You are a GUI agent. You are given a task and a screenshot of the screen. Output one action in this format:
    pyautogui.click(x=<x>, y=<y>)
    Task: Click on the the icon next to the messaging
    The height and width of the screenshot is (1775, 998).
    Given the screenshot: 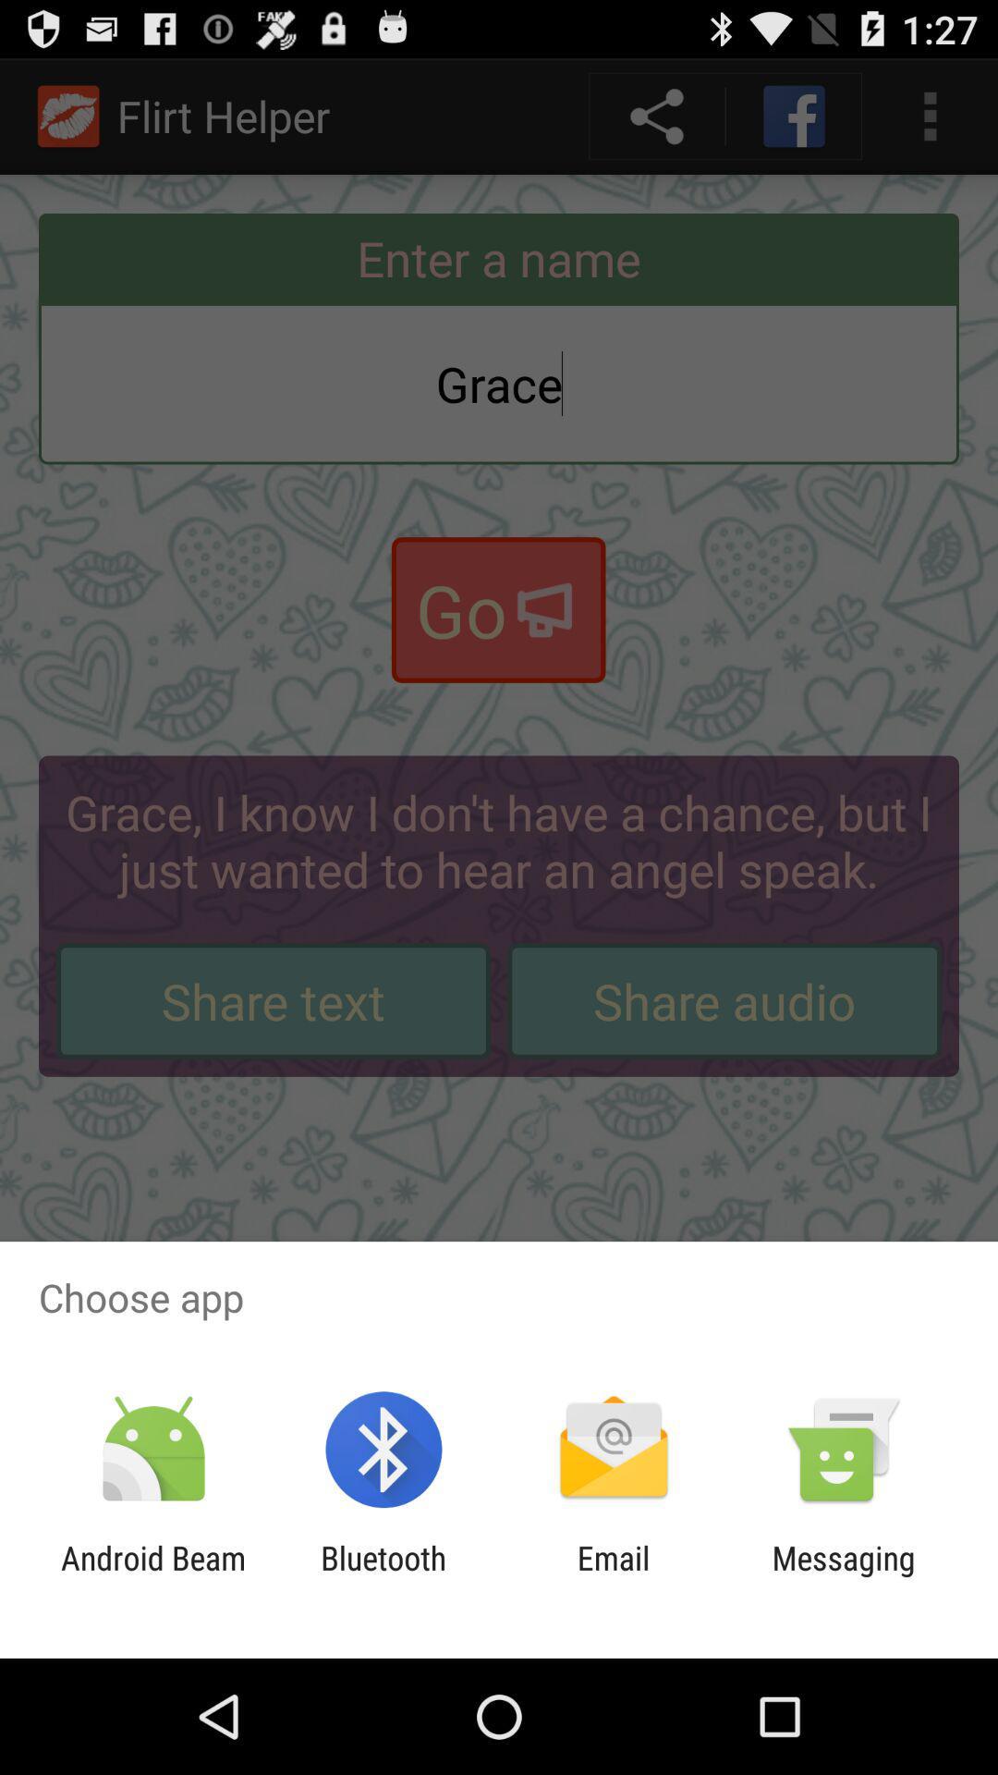 What is the action you would take?
    pyautogui.click(x=614, y=1576)
    